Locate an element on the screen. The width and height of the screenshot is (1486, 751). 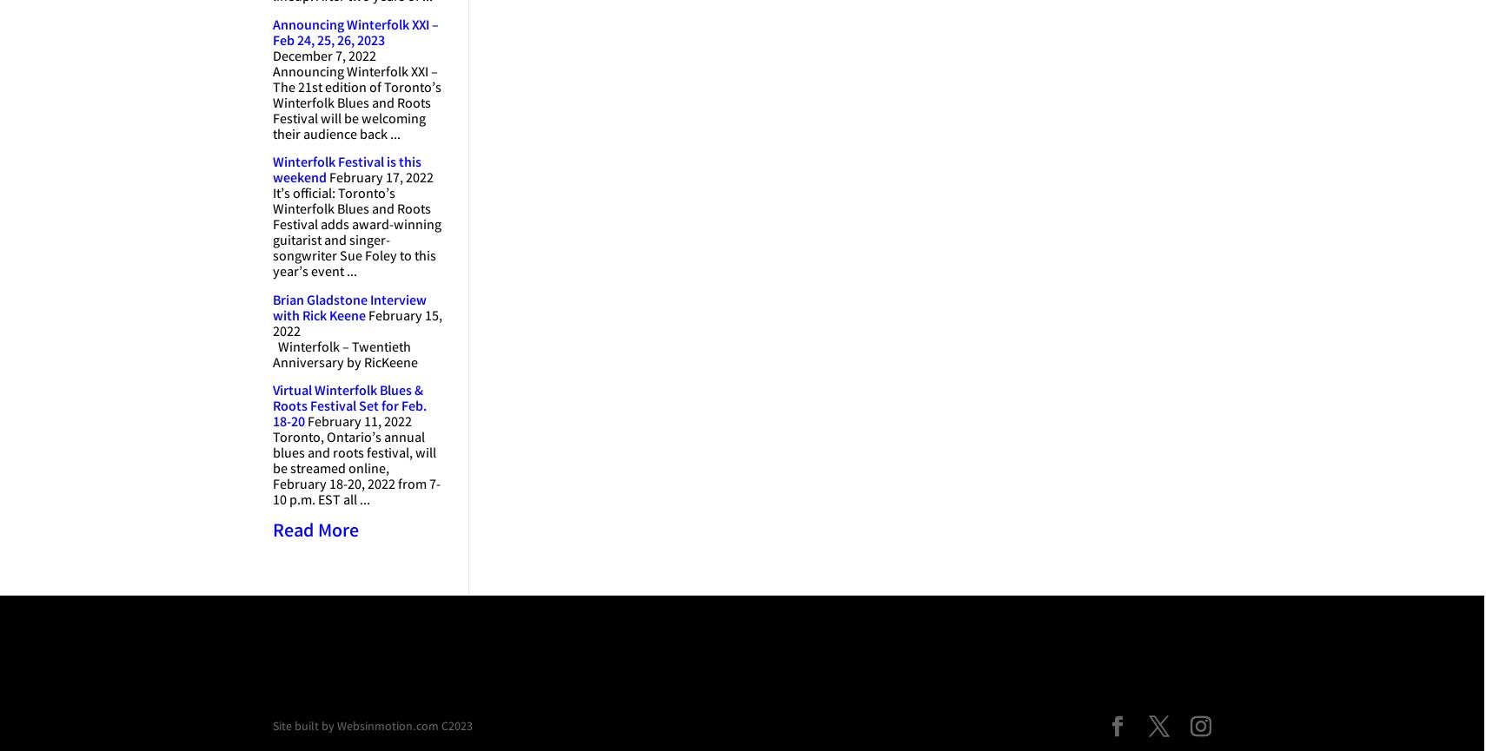
'Read More' is located at coordinates (315, 532).